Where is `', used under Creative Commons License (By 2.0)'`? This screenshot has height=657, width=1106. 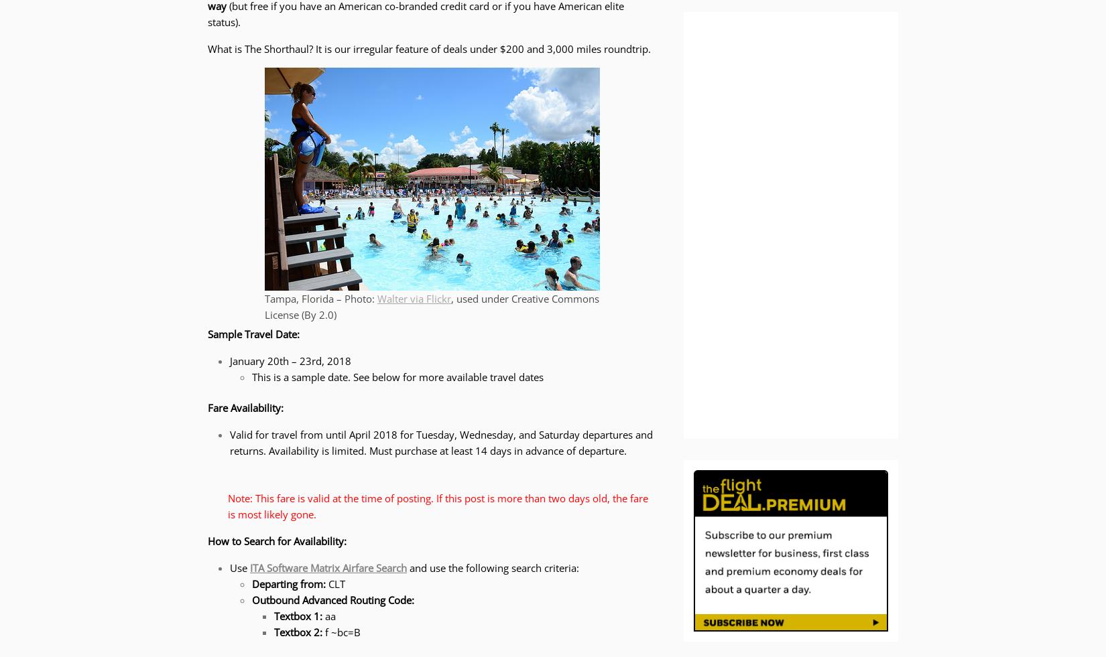
', used under Creative Commons License (By 2.0)' is located at coordinates (431, 305).